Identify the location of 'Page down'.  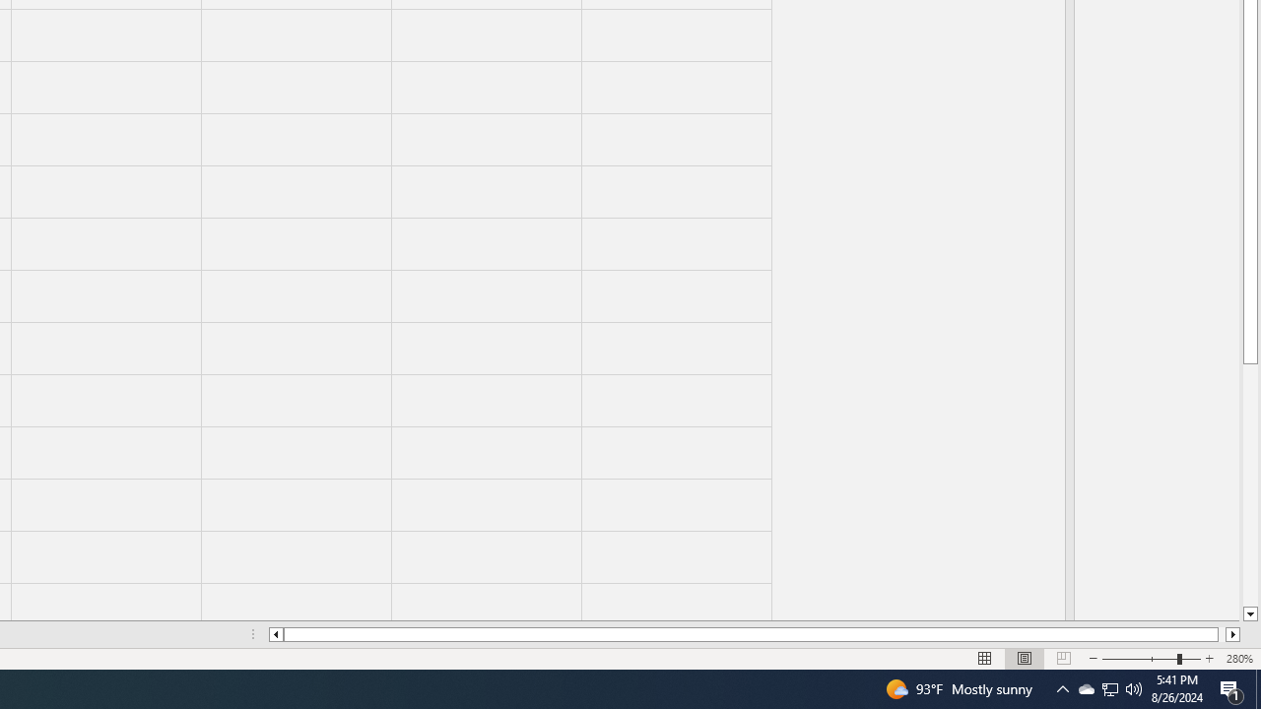
(1249, 485).